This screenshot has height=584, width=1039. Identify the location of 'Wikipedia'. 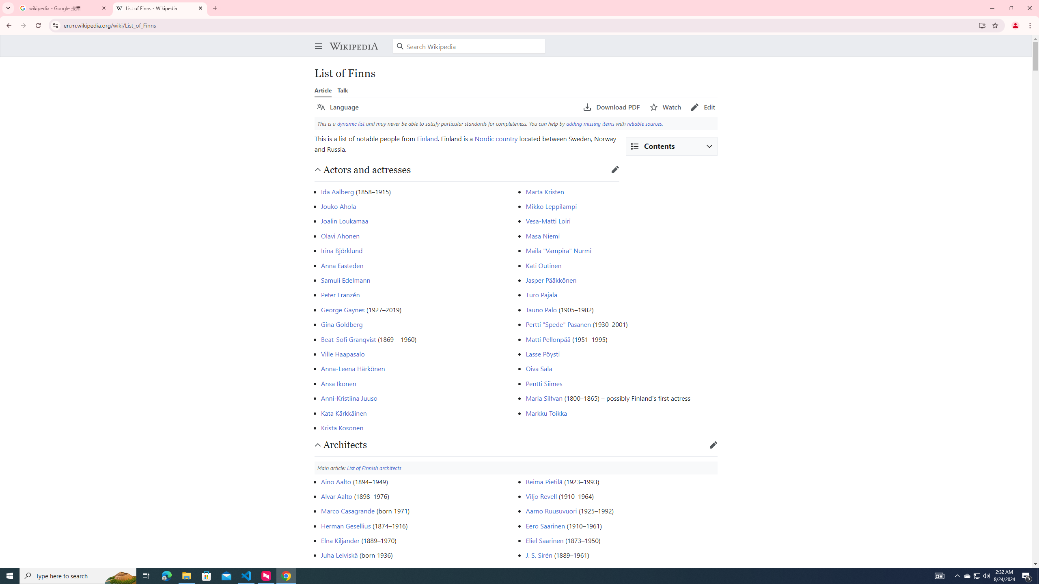
(354, 45).